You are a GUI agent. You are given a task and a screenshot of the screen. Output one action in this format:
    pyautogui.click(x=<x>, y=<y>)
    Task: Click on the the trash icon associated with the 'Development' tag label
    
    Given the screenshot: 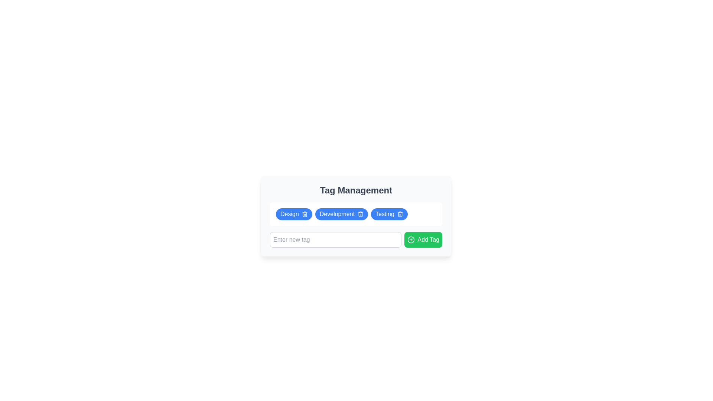 What is the action you would take?
    pyautogui.click(x=356, y=216)
    